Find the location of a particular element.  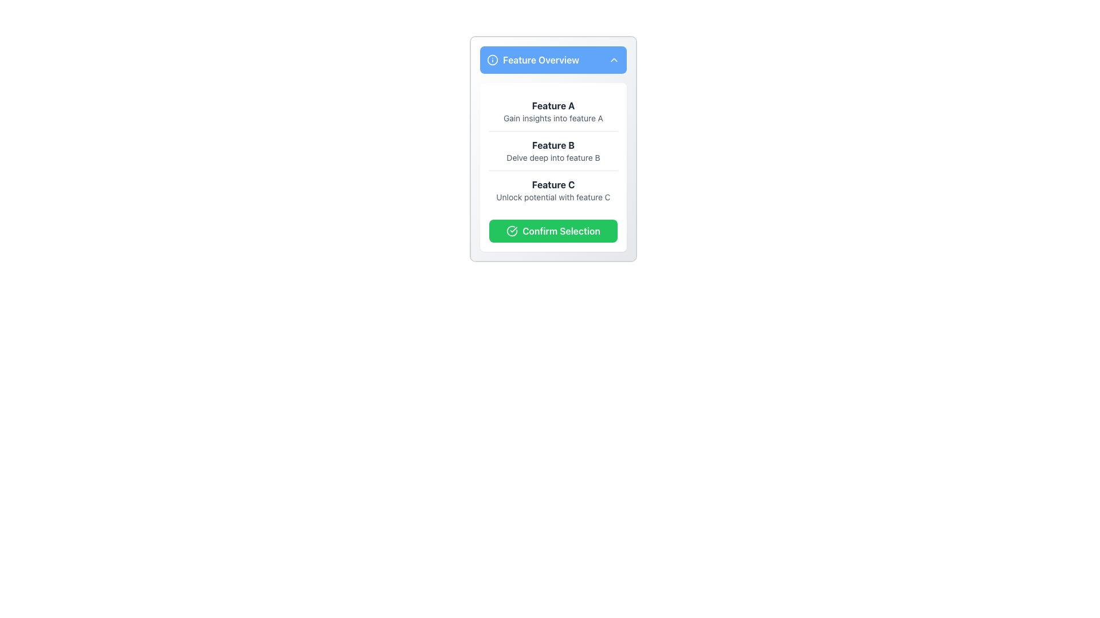

the informational text block containing the bold title 'Feature A' and the description 'Gain insights into feature A', which is positioned below 'Feature Overview' and above 'Feature B' is located at coordinates (553, 112).